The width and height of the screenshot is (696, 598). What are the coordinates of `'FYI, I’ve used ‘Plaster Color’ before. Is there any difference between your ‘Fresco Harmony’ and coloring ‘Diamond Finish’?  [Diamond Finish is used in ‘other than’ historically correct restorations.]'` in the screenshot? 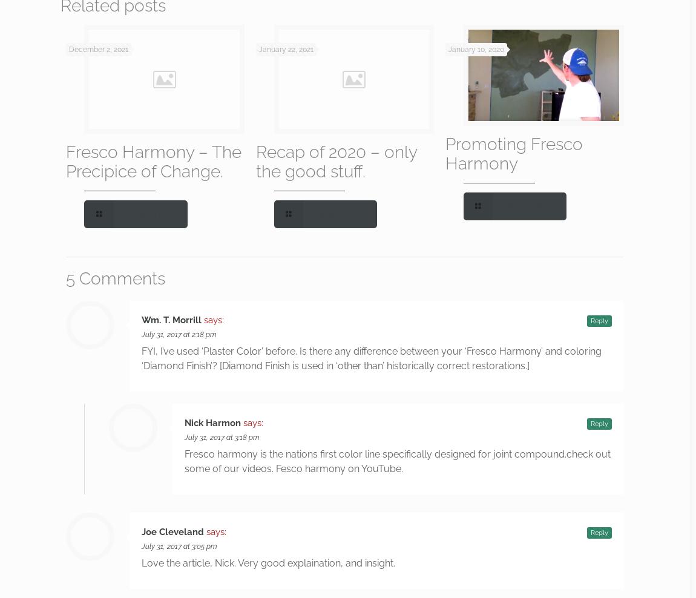 It's located at (370, 358).